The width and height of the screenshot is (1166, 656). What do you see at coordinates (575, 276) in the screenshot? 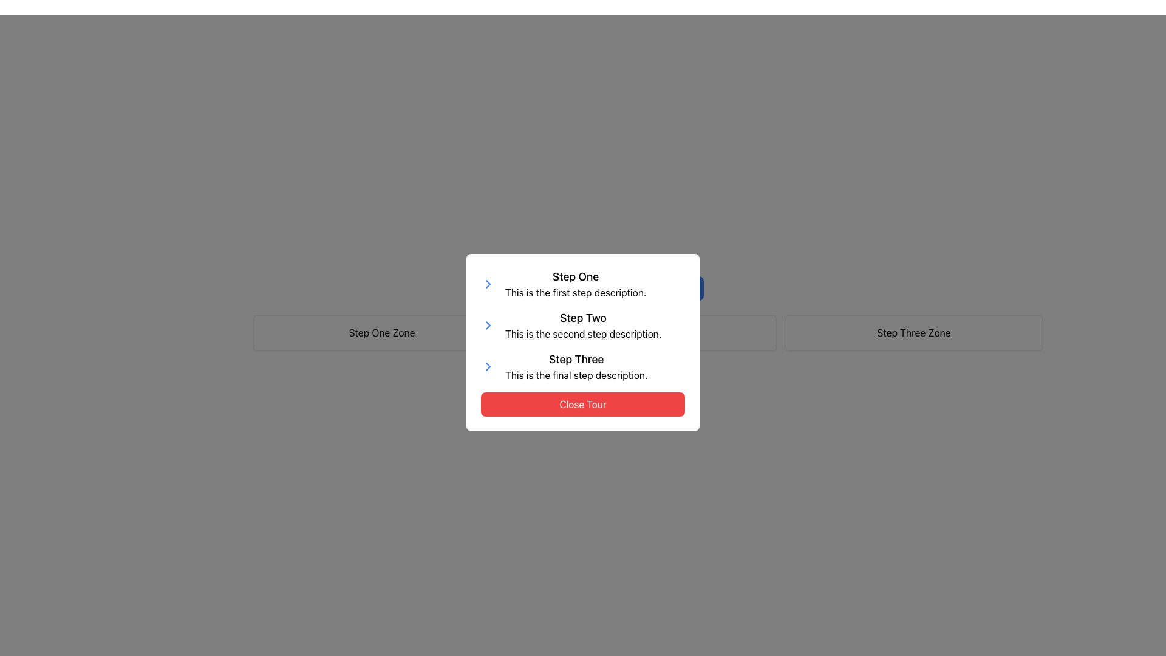
I see `the 'Step One' text label that is centrally located within the modal dialog box, indicating it as a title or heading above the description text` at bounding box center [575, 276].